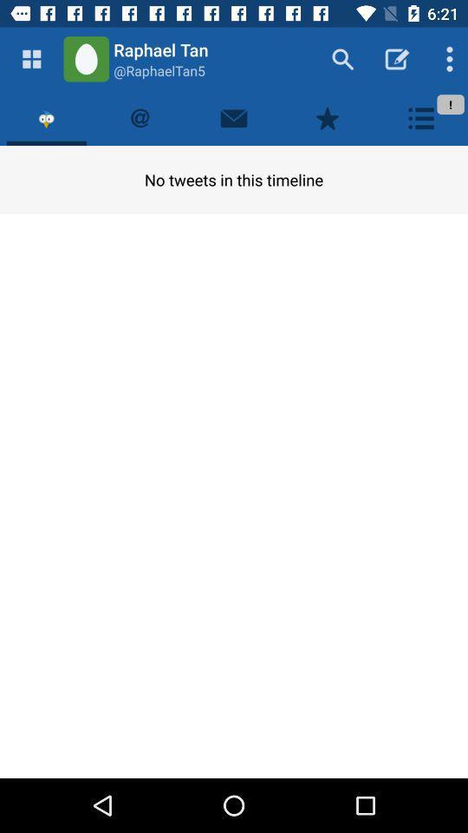  What do you see at coordinates (47, 117) in the screenshot?
I see `item above no tweets in item` at bounding box center [47, 117].